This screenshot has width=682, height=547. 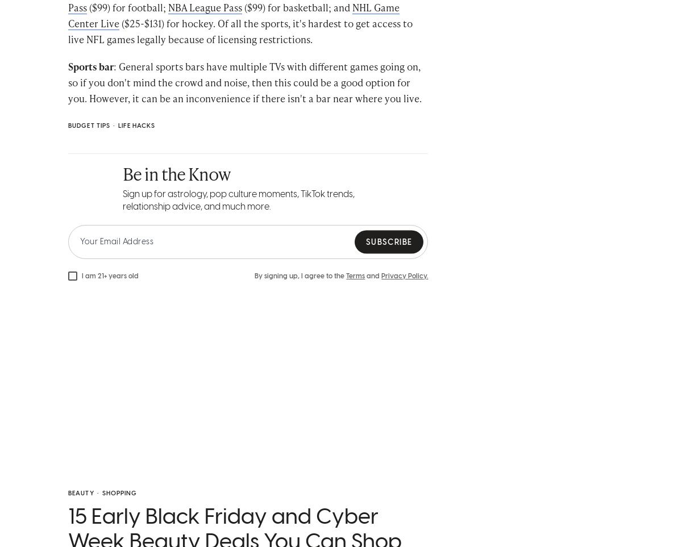 I want to click on '($99) for basketball; and', so click(x=296, y=23).